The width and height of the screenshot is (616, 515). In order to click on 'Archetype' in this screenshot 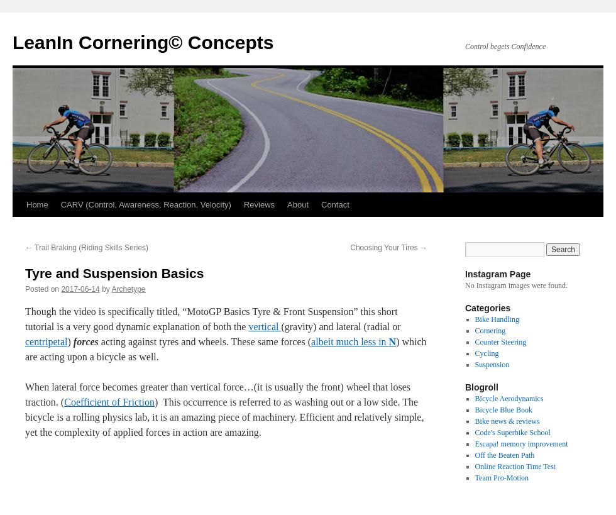, I will do `click(128, 289)`.